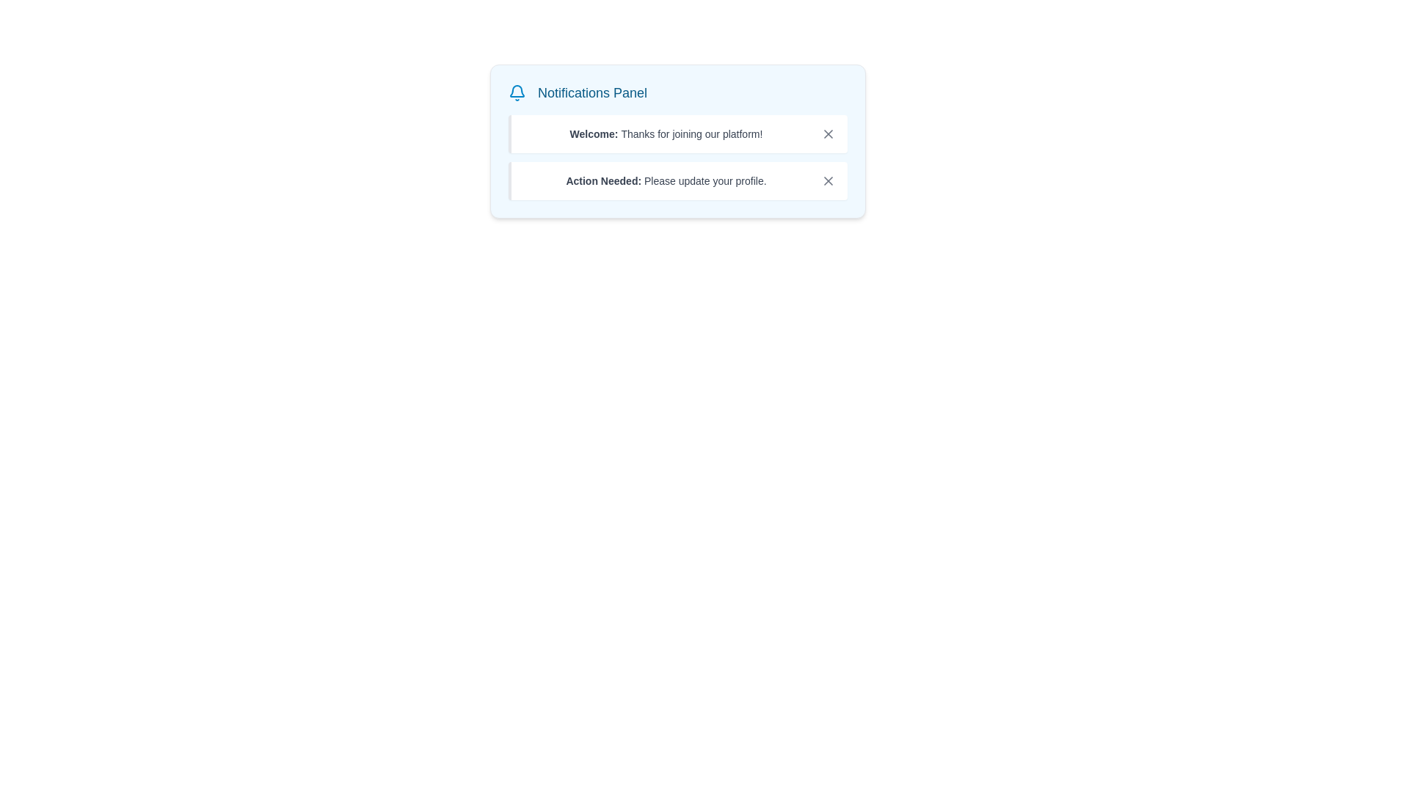 The height and width of the screenshot is (792, 1409). Describe the element at coordinates (592, 93) in the screenshot. I see `the Text Label that indicates the purpose of the notification area, located to the right of the bell icon in the notification header` at that location.